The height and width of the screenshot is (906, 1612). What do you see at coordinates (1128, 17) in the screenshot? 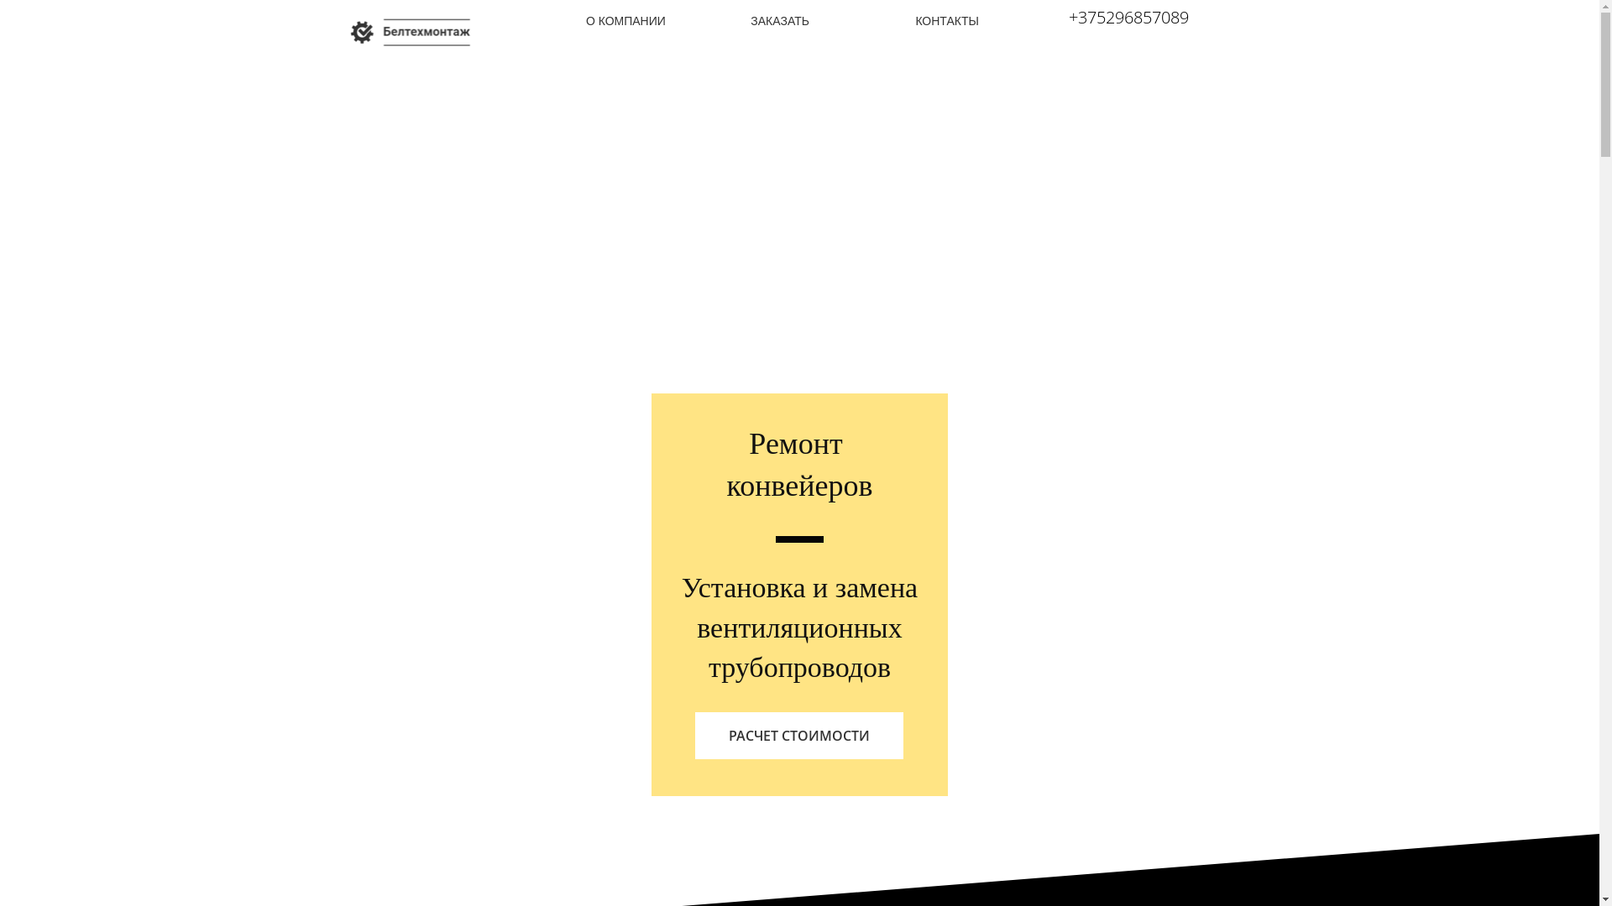
I see `'+375296857089'` at bounding box center [1128, 17].